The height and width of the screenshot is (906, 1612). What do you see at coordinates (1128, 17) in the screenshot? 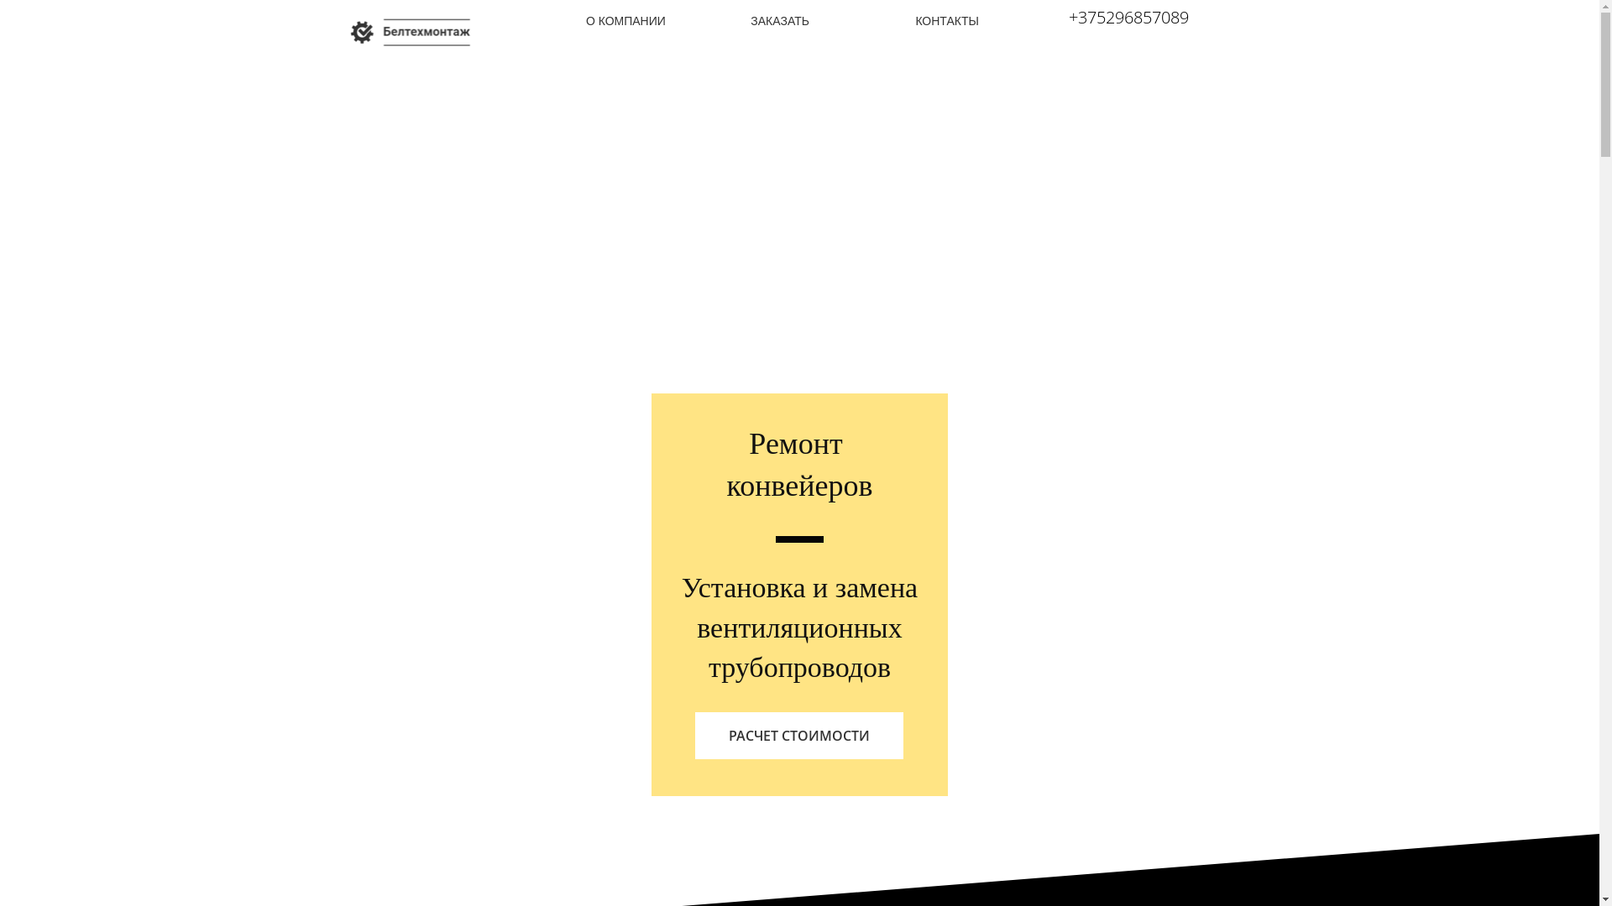
I see `'+375296857089'` at bounding box center [1128, 17].